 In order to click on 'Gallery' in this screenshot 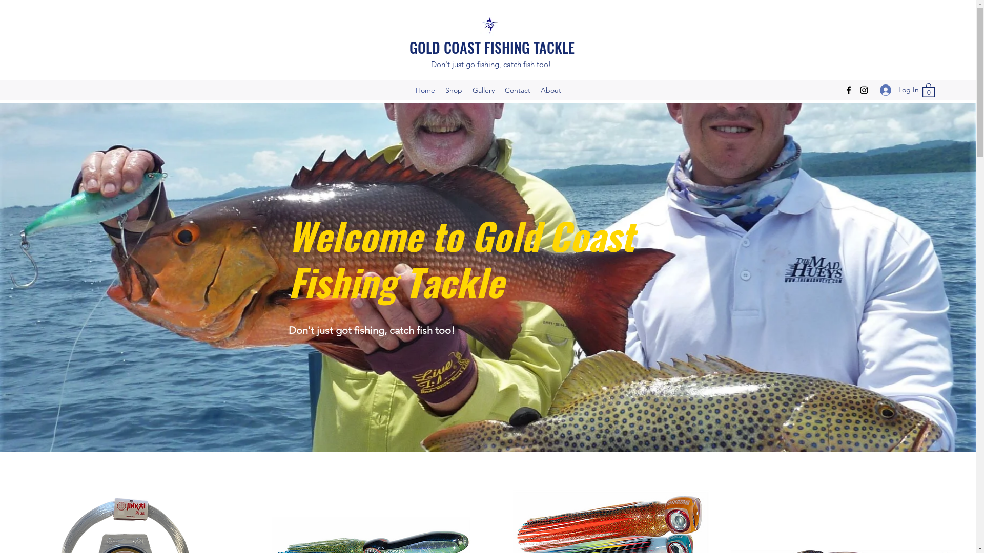, I will do `click(467, 90)`.